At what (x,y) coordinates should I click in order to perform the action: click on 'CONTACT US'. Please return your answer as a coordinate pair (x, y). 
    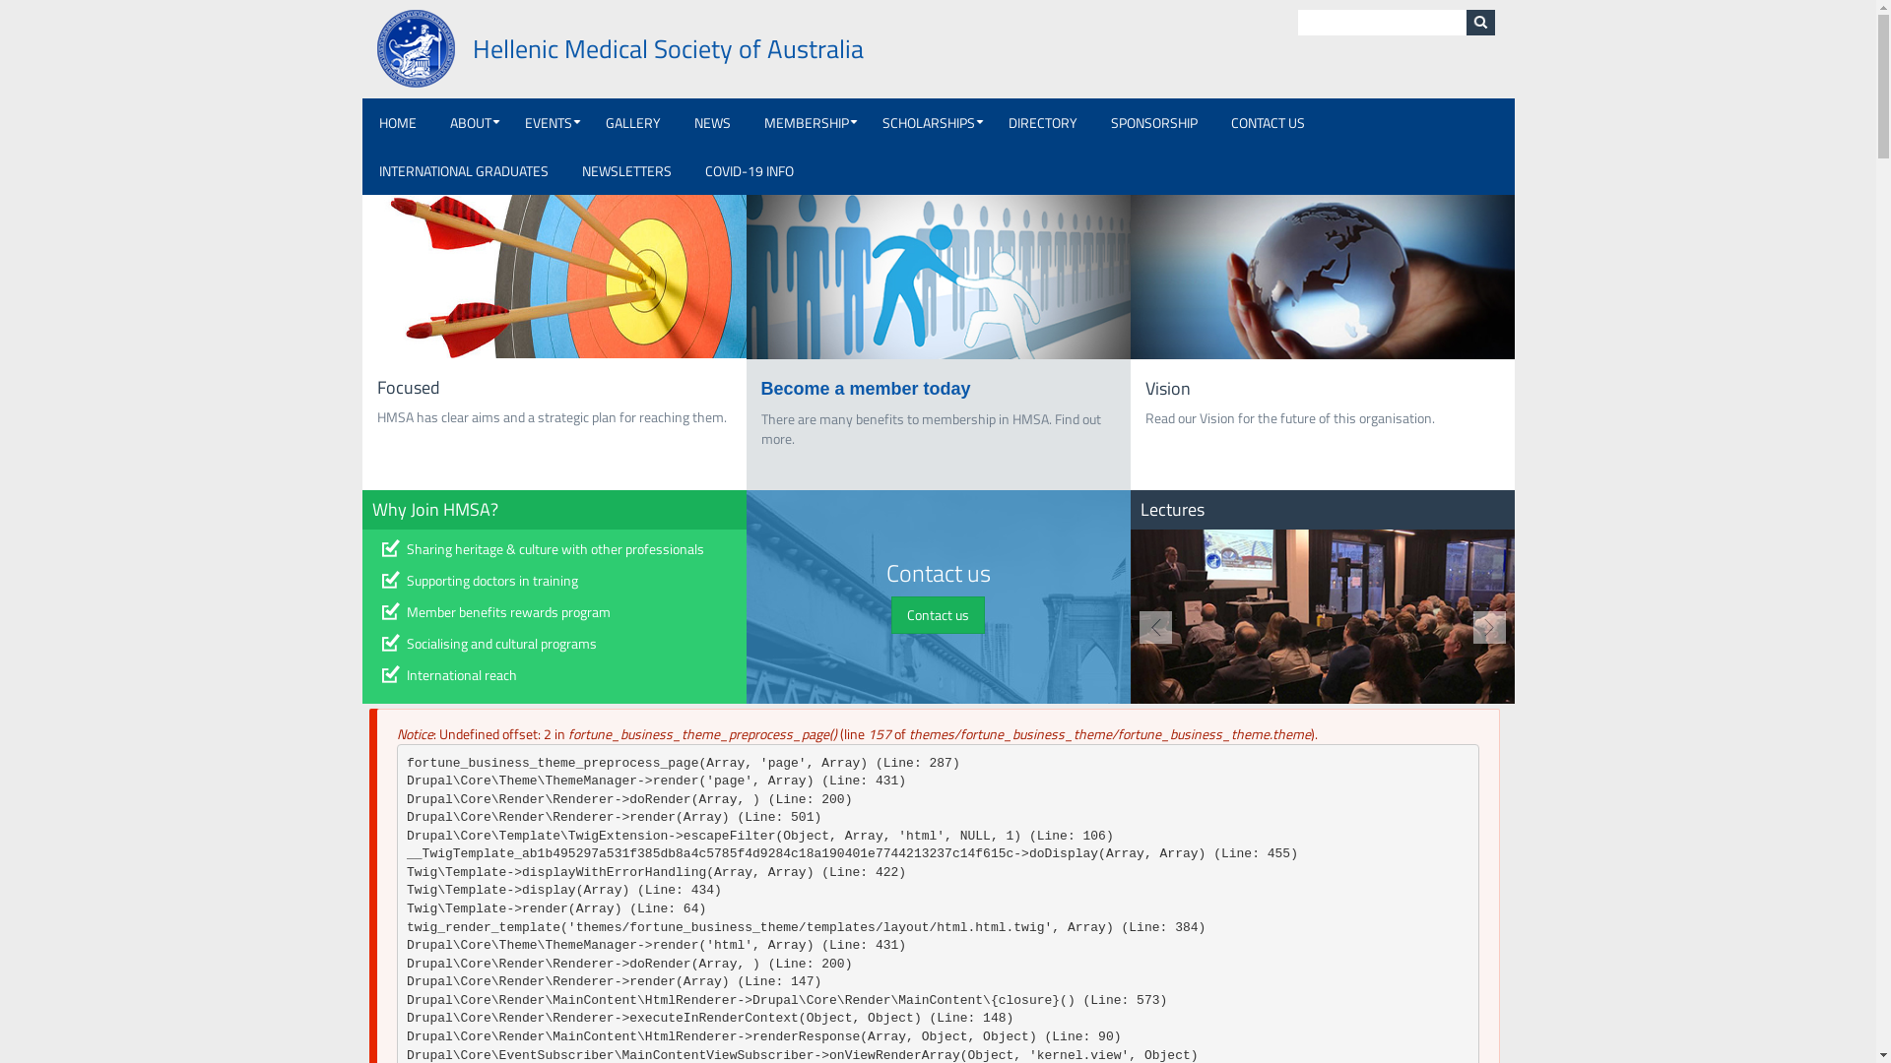
    Looking at the image, I should click on (1267, 122).